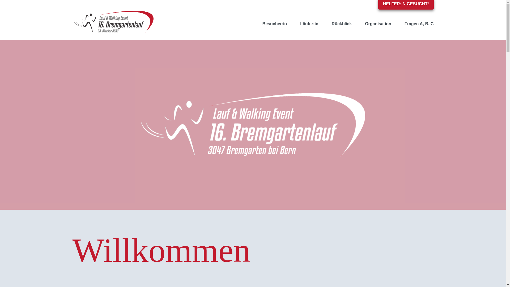 The height and width of the screenshot is (287, 510). I want to click on 'Organisation', so click(378, 23).